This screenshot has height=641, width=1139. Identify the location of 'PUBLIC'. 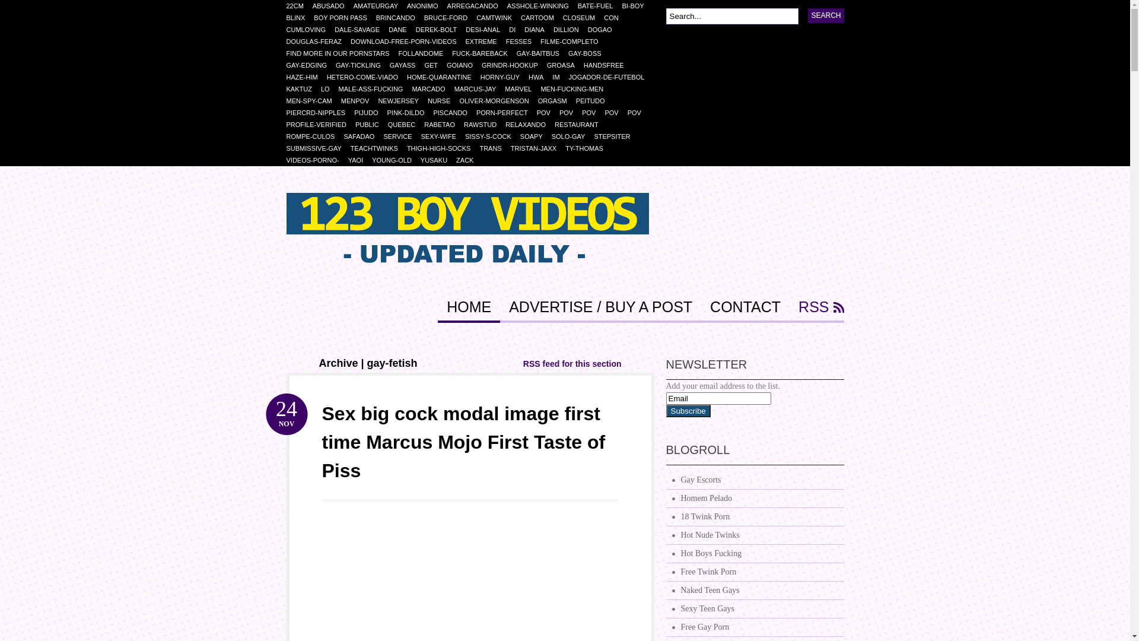
(371, 124).